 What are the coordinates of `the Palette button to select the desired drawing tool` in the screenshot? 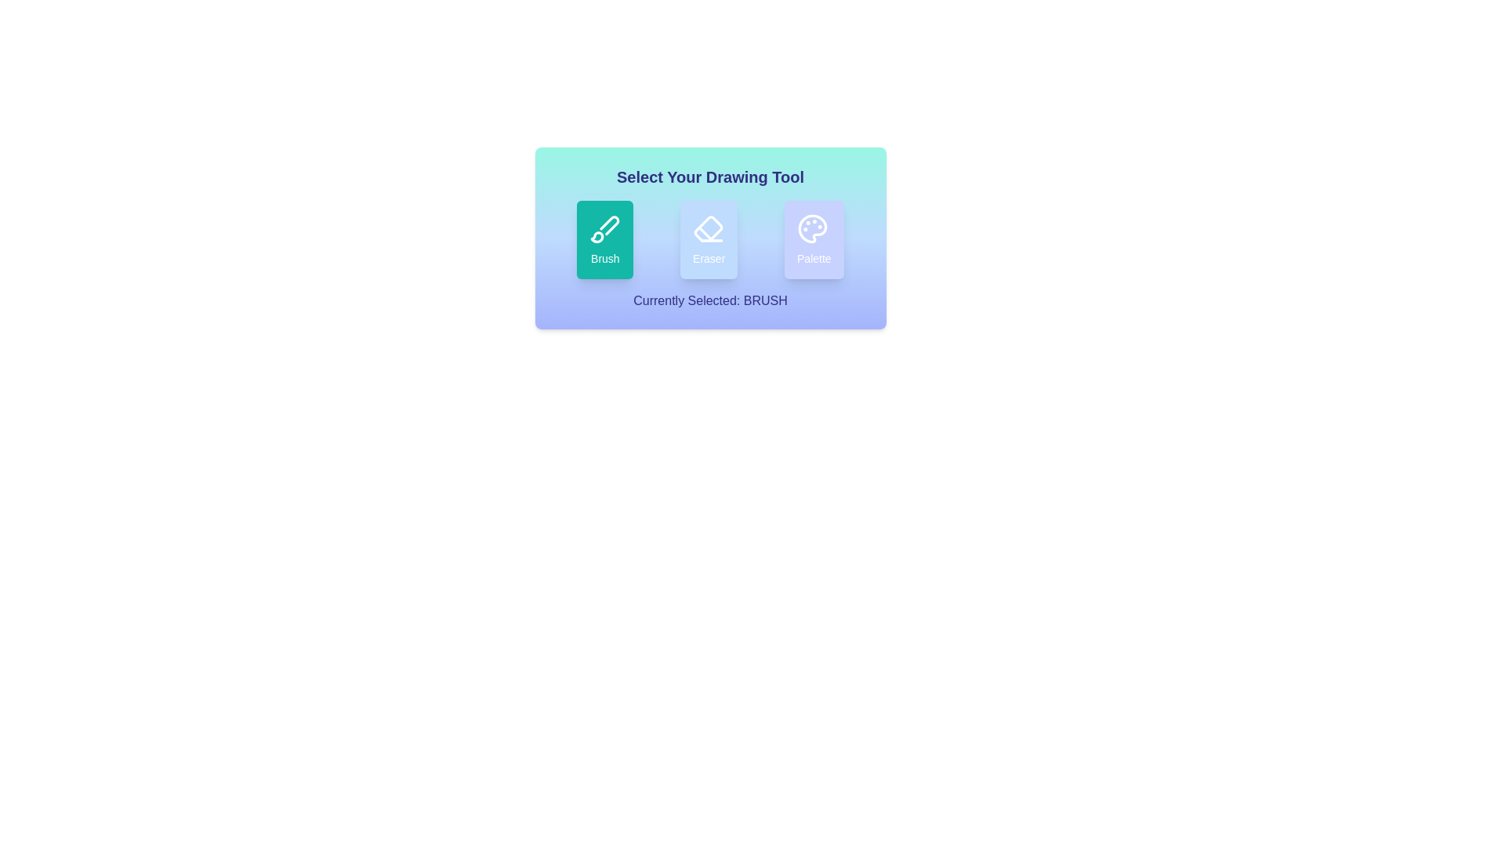 It's located at (814, 239).